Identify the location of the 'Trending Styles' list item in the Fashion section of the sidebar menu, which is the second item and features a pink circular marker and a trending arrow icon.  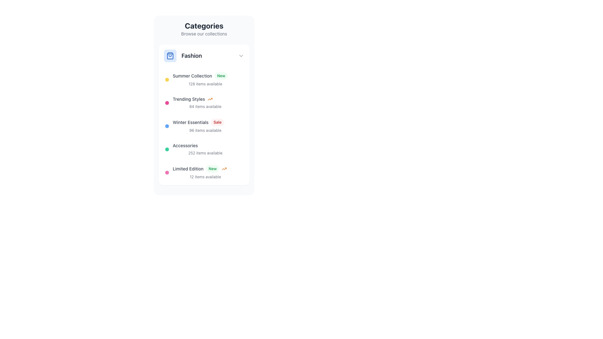
(204, 102).